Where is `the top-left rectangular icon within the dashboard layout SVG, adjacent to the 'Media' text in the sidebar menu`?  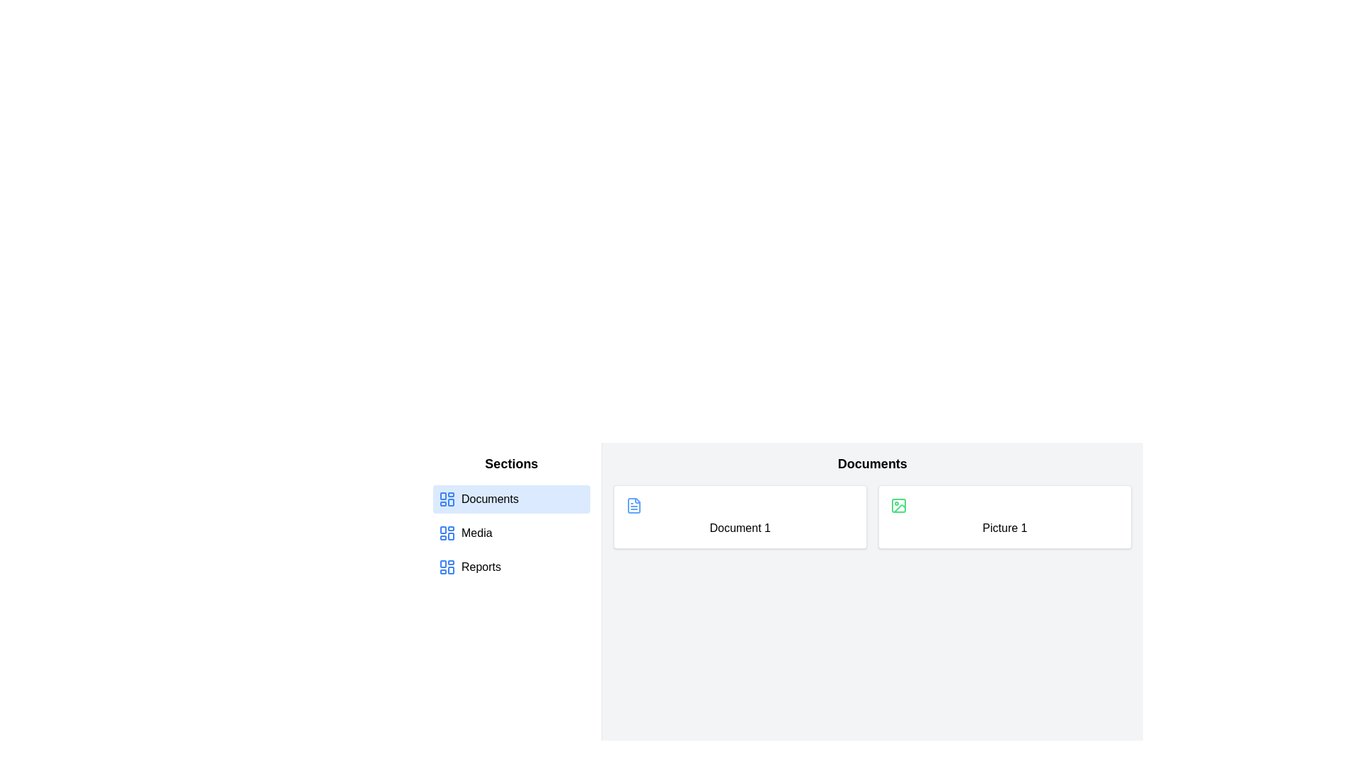 the top-left rectangular icon within the dashboard layout SVG, adjacent to the 'Media' text in the sidebar menu is located at coordinates (442, 530).